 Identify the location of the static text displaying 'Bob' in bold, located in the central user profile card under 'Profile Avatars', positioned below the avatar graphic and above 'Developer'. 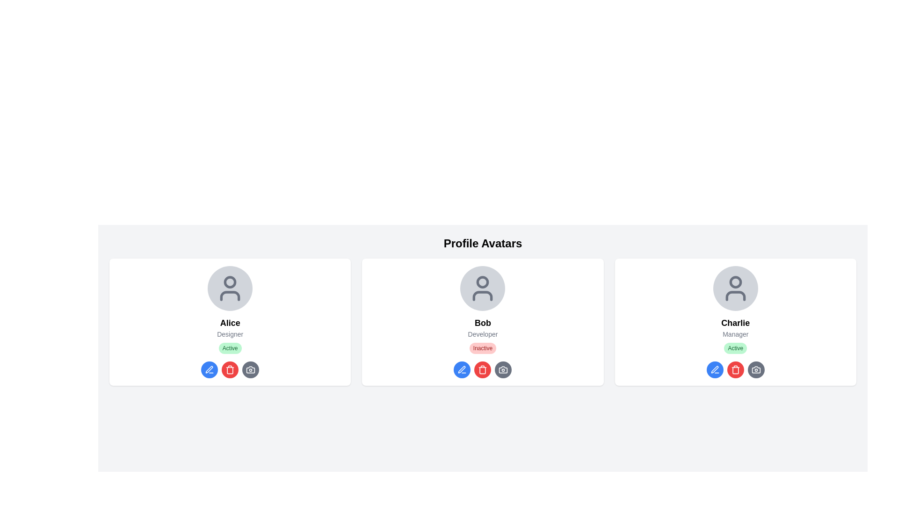
(483, 322).